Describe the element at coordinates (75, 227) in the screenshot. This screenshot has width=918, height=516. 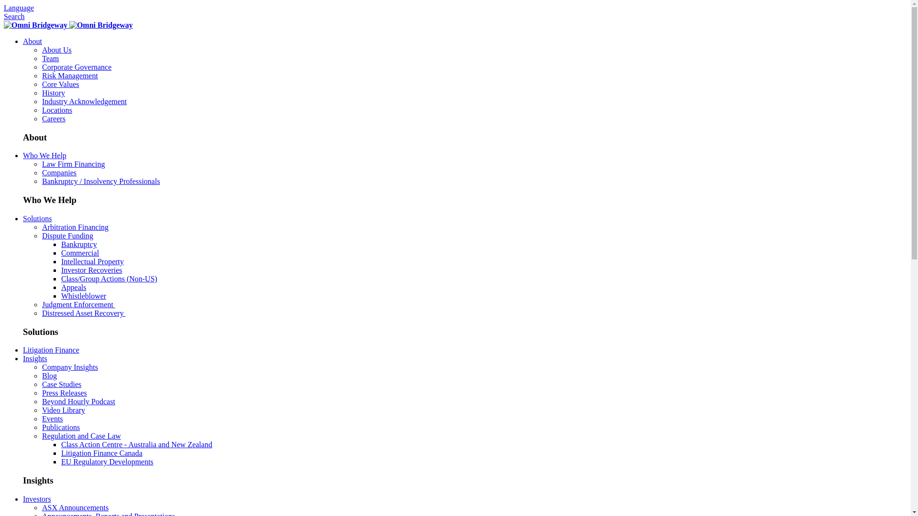
I see `'Arbitration Financing'` at that location.